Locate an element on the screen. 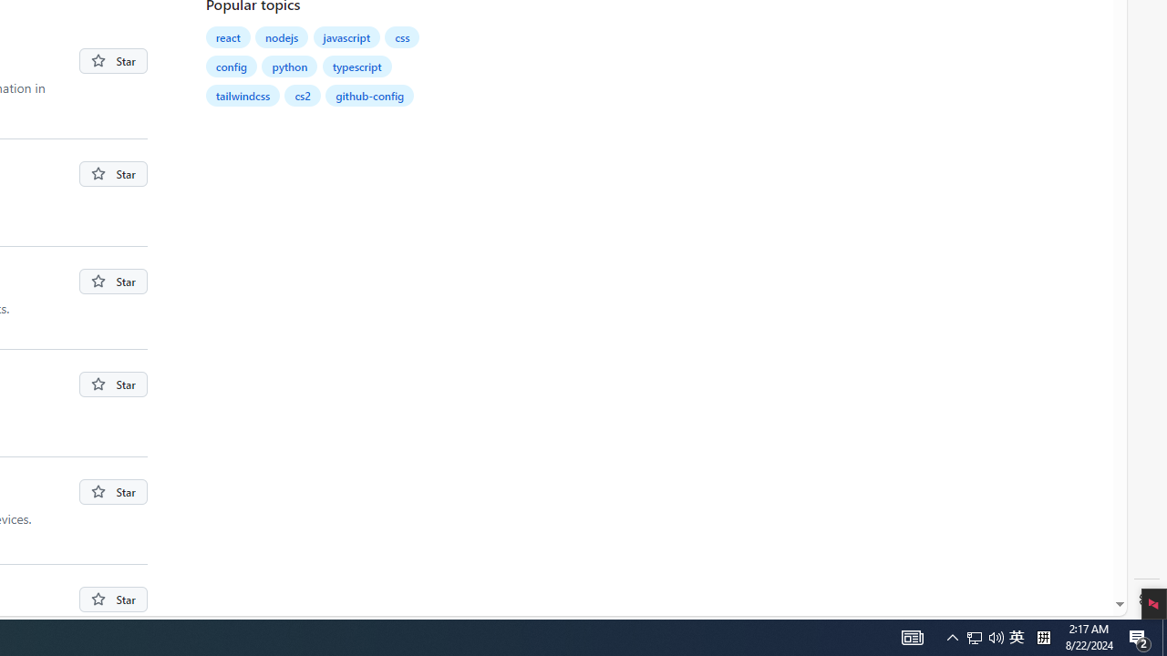 This screenshot has width=1167, height=656. 'python' is located at coordinates (289, 66).